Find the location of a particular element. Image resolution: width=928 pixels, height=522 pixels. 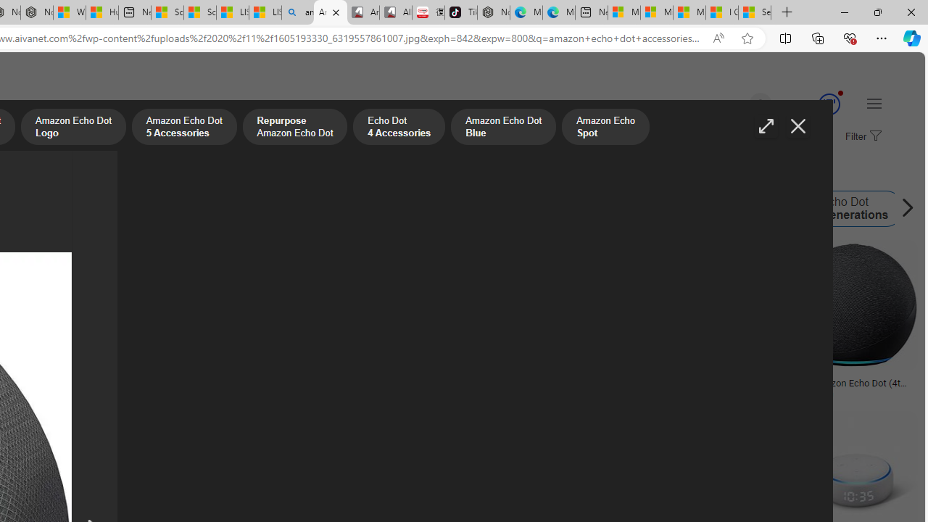

'I Gained 20 Pounds of Muscle in 30 Days! | Watch' is located at coordinates (721, 12).